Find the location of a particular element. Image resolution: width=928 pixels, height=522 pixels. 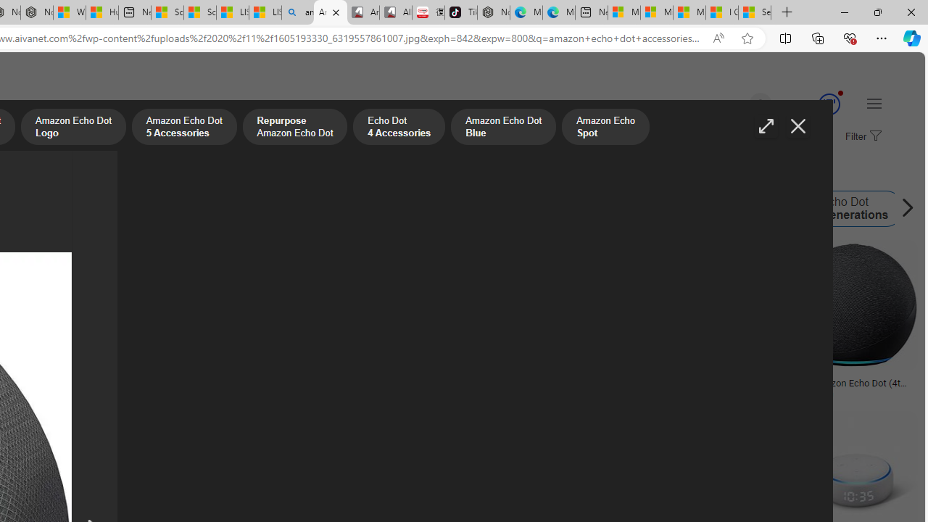

'I Gained 20 Pounds of Muscle in 30 Days! | Watch' is located at coordinates (721, 12).